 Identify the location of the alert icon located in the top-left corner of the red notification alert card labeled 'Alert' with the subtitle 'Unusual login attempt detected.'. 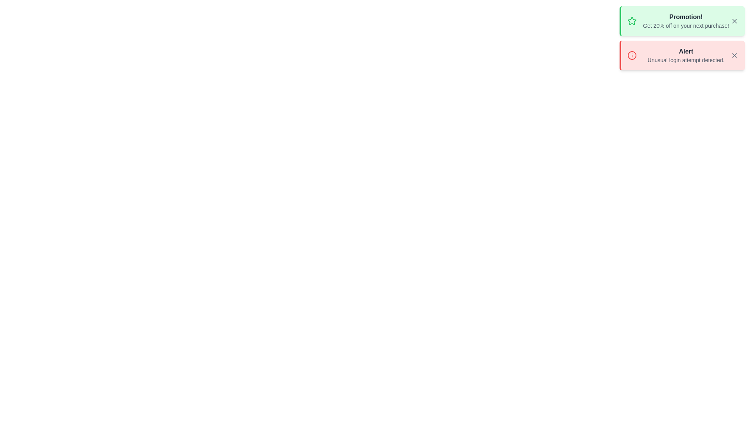
(632, 55).